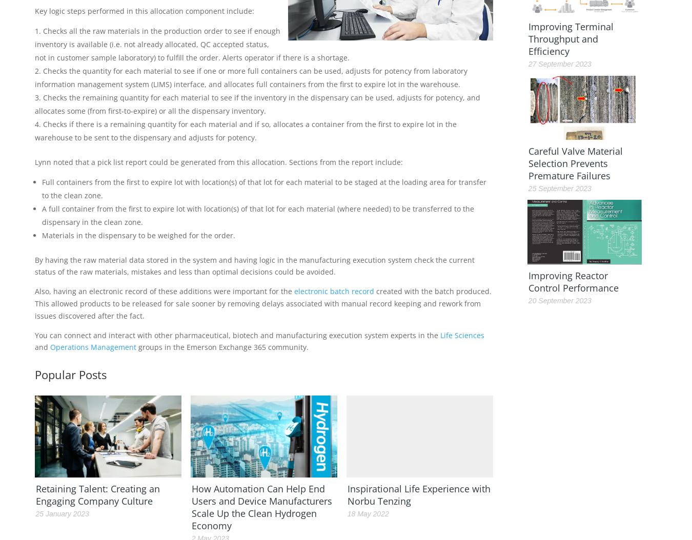 The width and height of the screenshot is (692, 540). I want to click on 'Inspirational Life Experience with Norbu Tenzing', so click(418, 494).